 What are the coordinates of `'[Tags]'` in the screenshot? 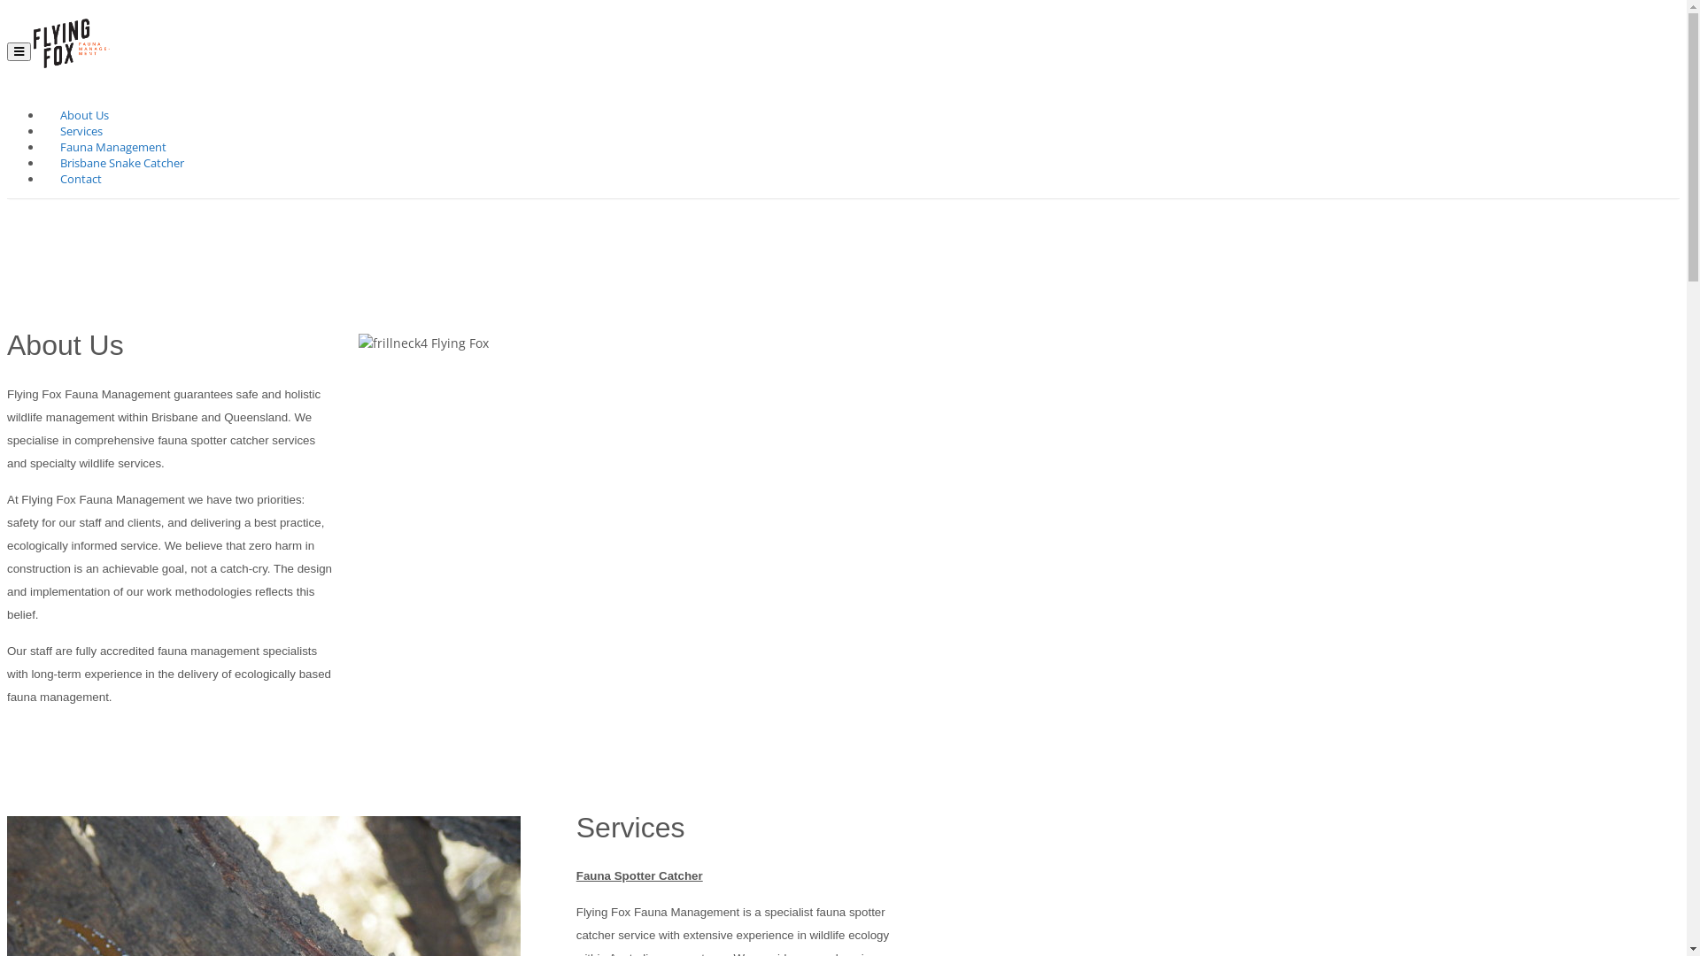 It's located at (630, 551).